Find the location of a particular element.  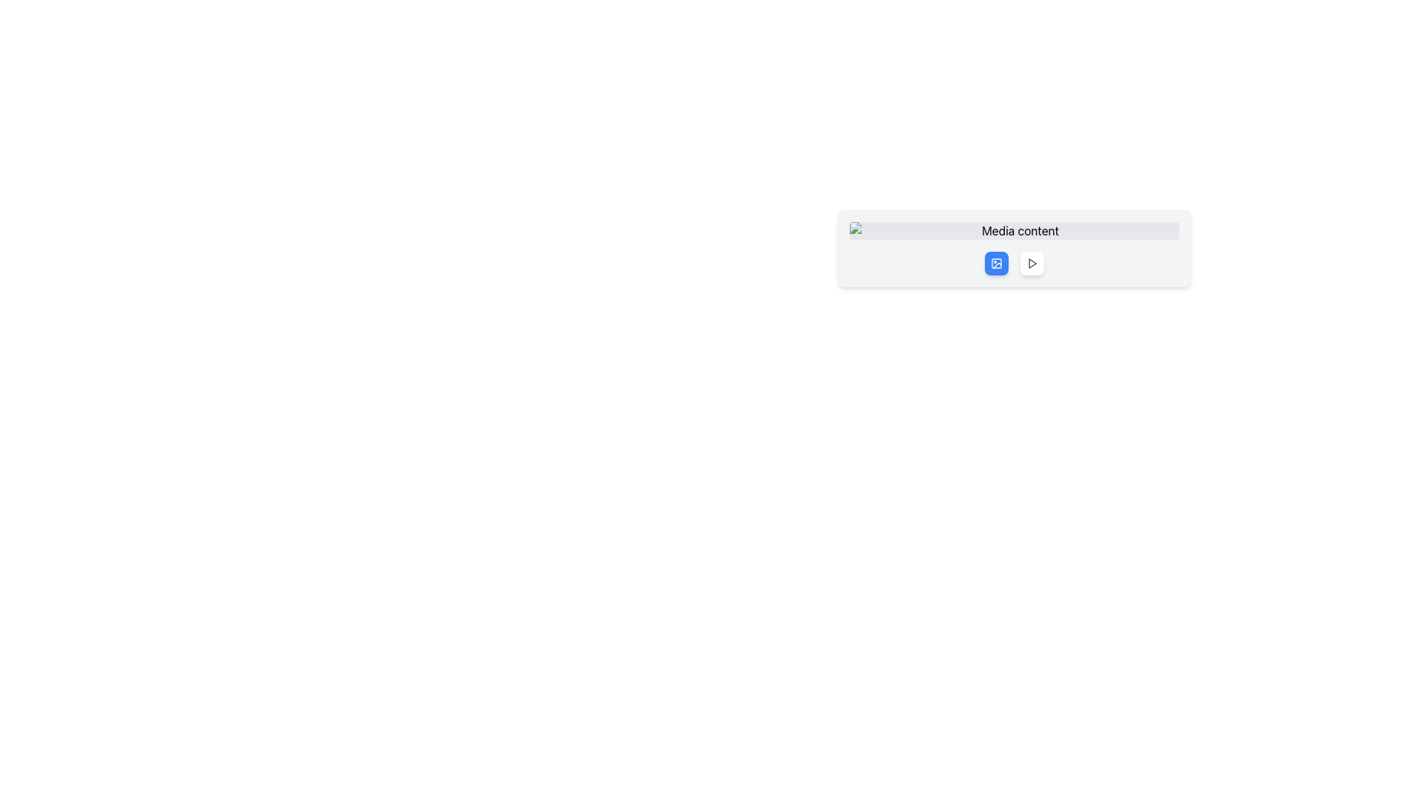

the 'Add image' icon located within the blue circular button is located at coordinates (997, 262).